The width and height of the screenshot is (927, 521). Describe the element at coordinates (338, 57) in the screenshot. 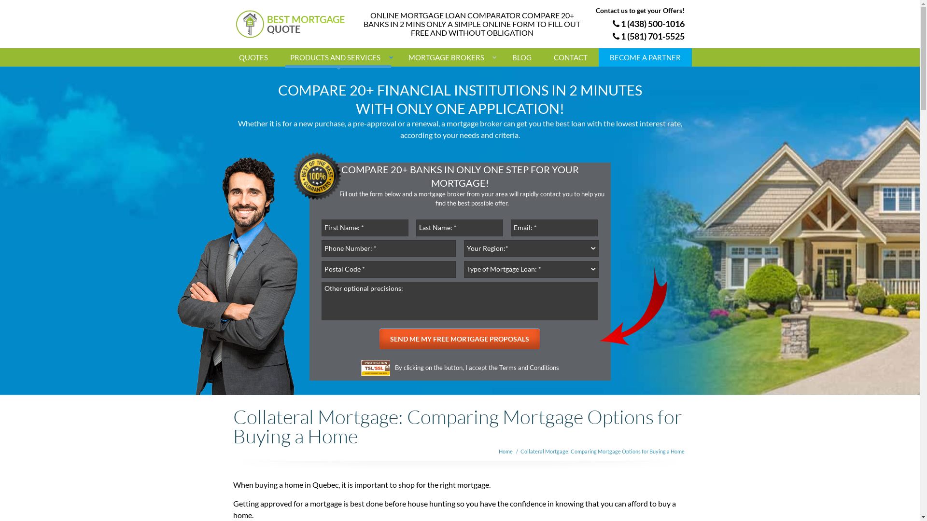

I see `'PRODUCTS AND SERVICES'` at that location.